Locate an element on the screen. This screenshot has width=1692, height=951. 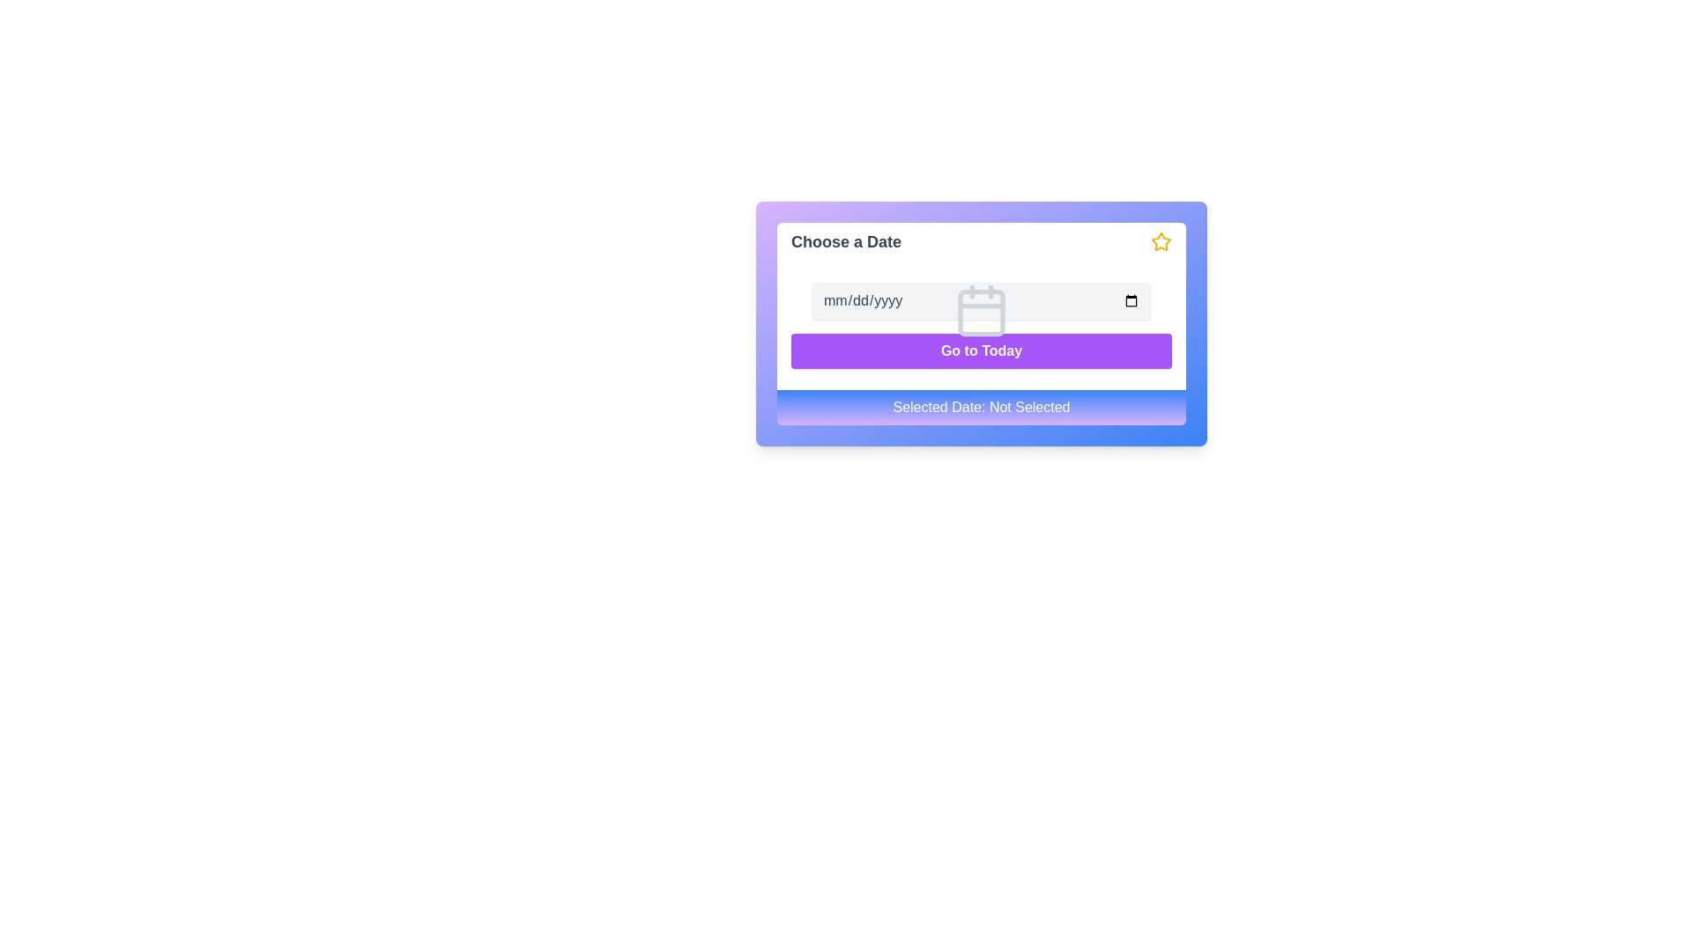
the small rounded rectangle located inside the calendar icon, which is styled in light gray and positioned centrally within the icon's visible area is located at coordinates (980, 311).